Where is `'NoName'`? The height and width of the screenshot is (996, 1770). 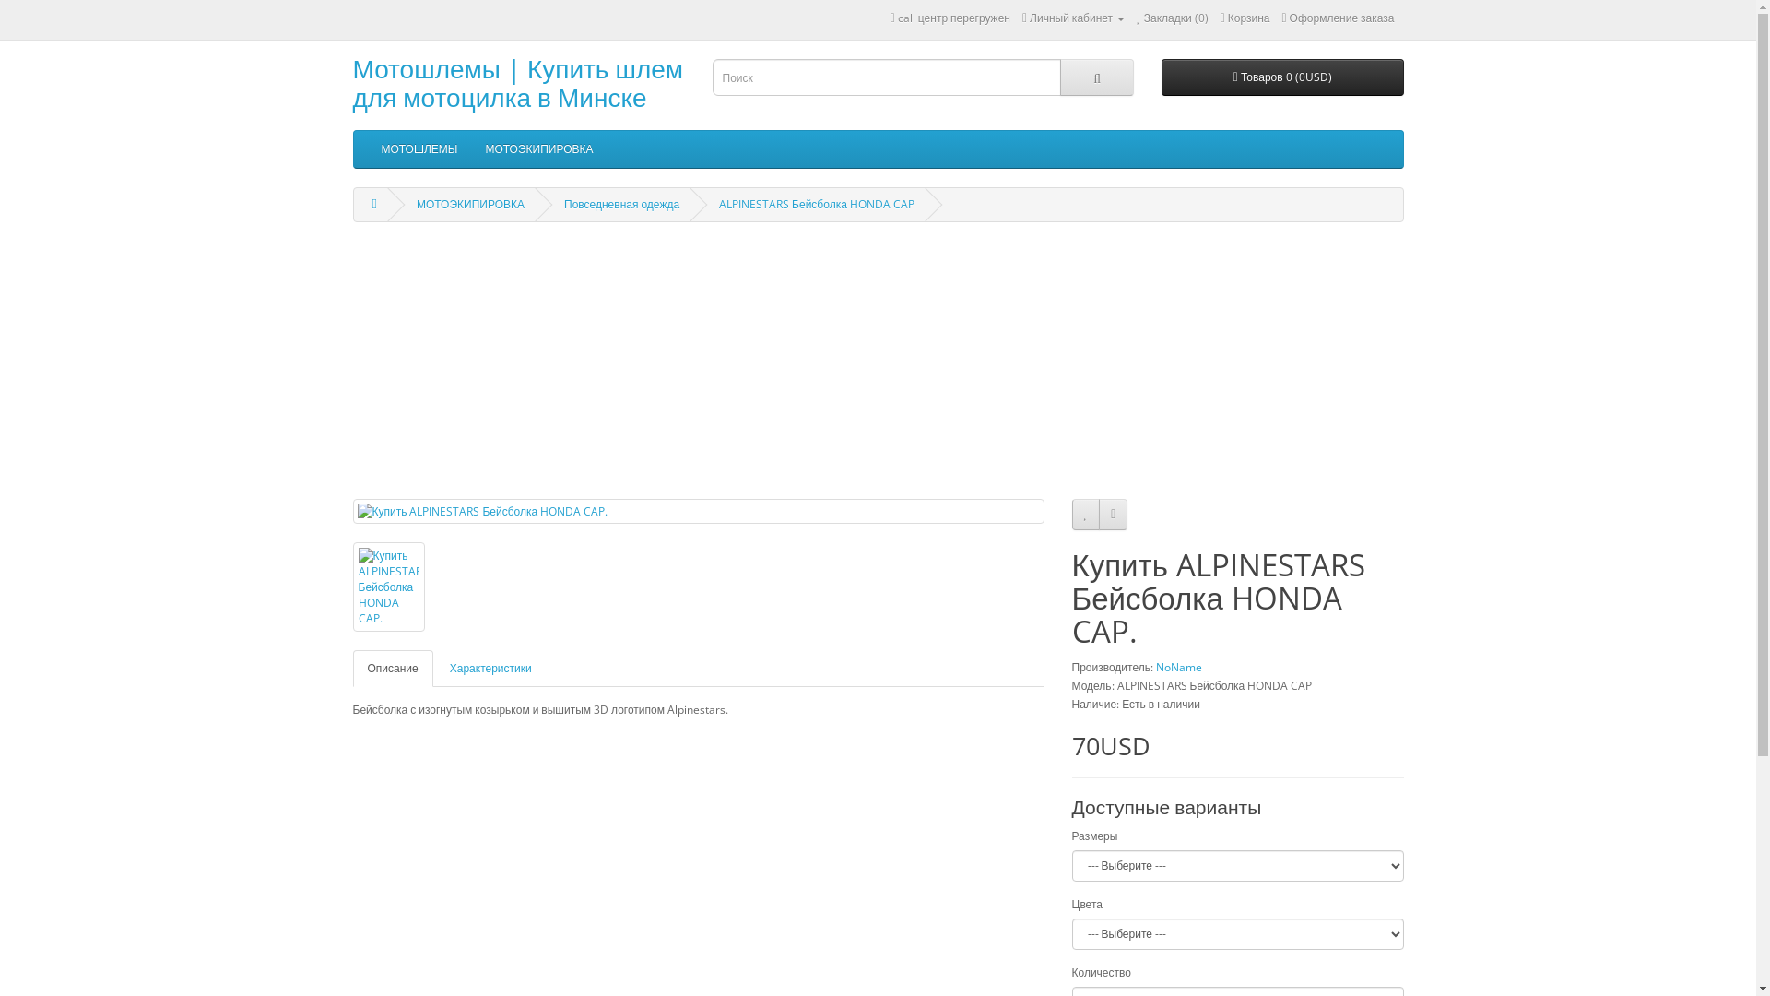
'NoName' is located at coordinates (1177, 667).